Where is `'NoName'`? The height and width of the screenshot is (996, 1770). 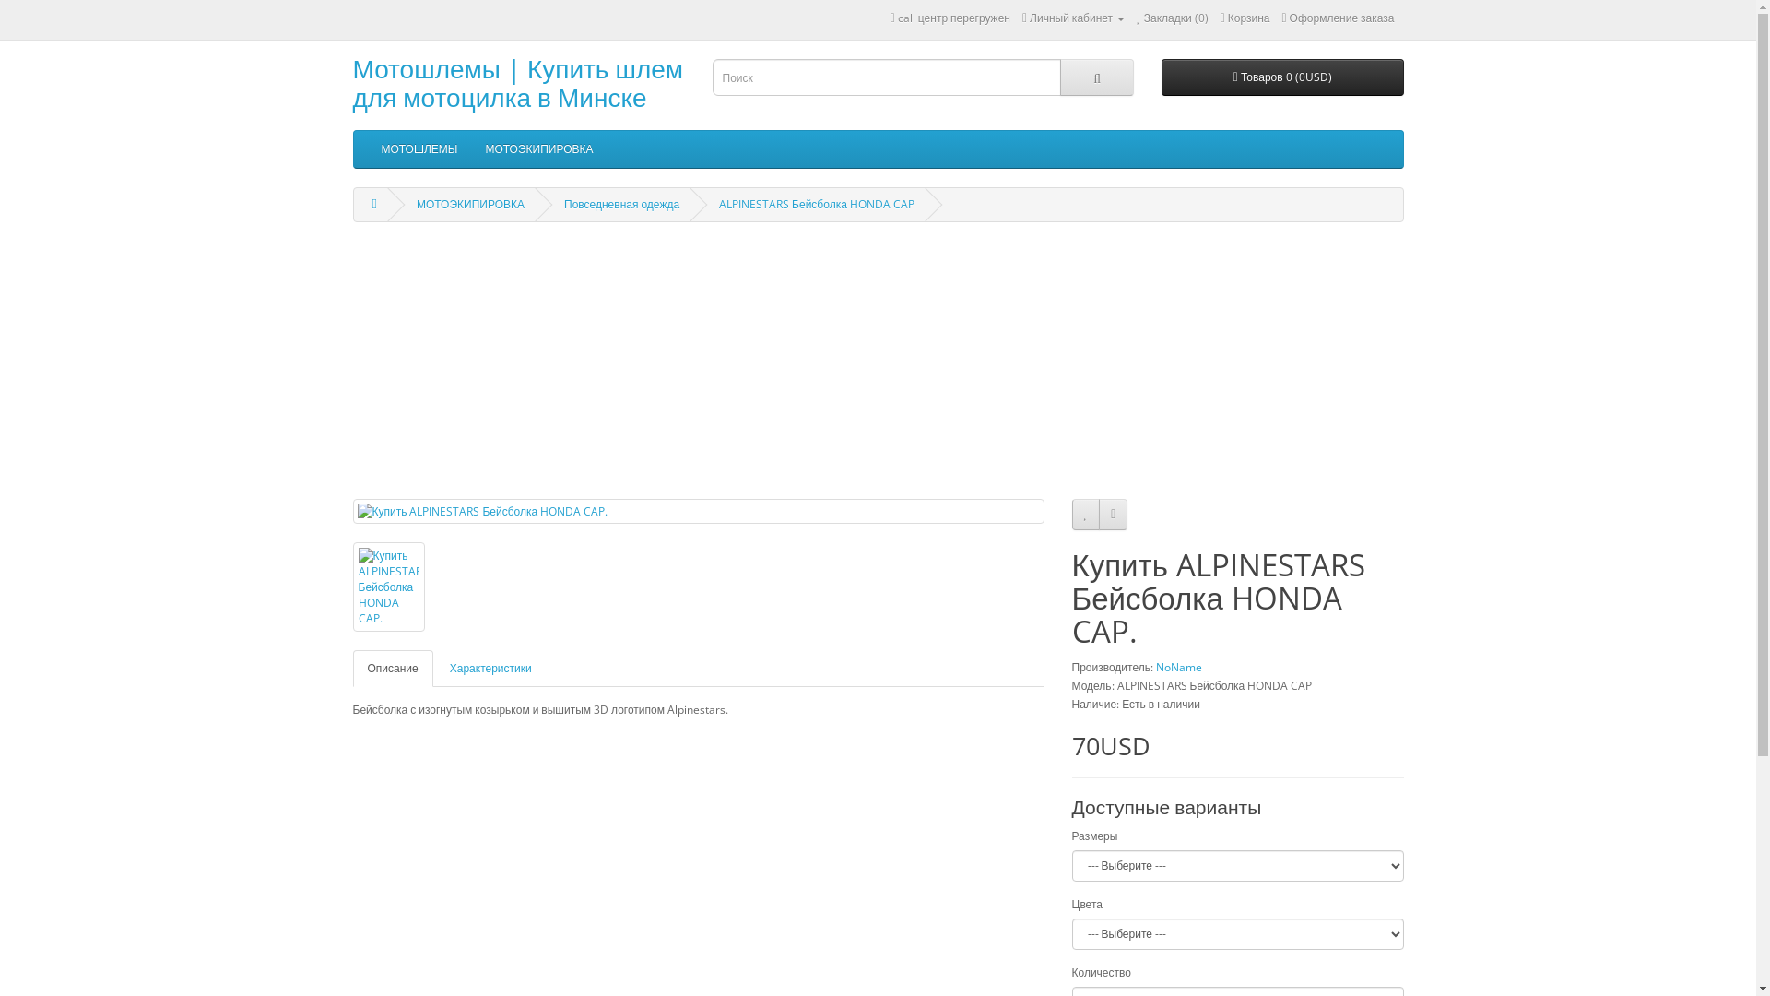
'NoName' is located at coordinates (1177, 667).